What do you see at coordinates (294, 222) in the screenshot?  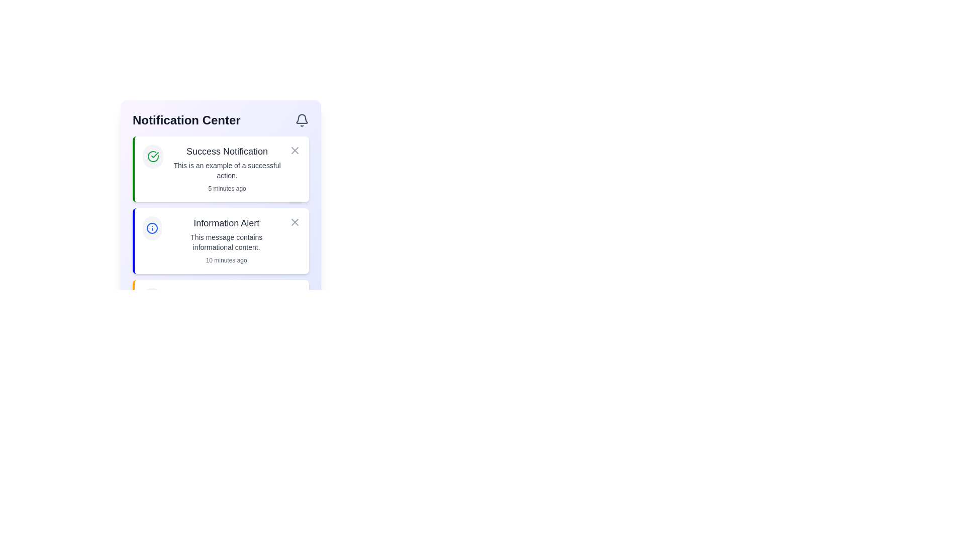 I see `the close button located in the top-right corner of the notification card` at bounding box center [294, 222].